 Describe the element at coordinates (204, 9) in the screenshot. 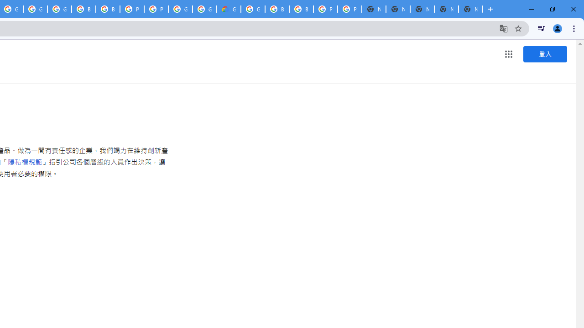

I see `'Google Cloud Platform'` at that location.